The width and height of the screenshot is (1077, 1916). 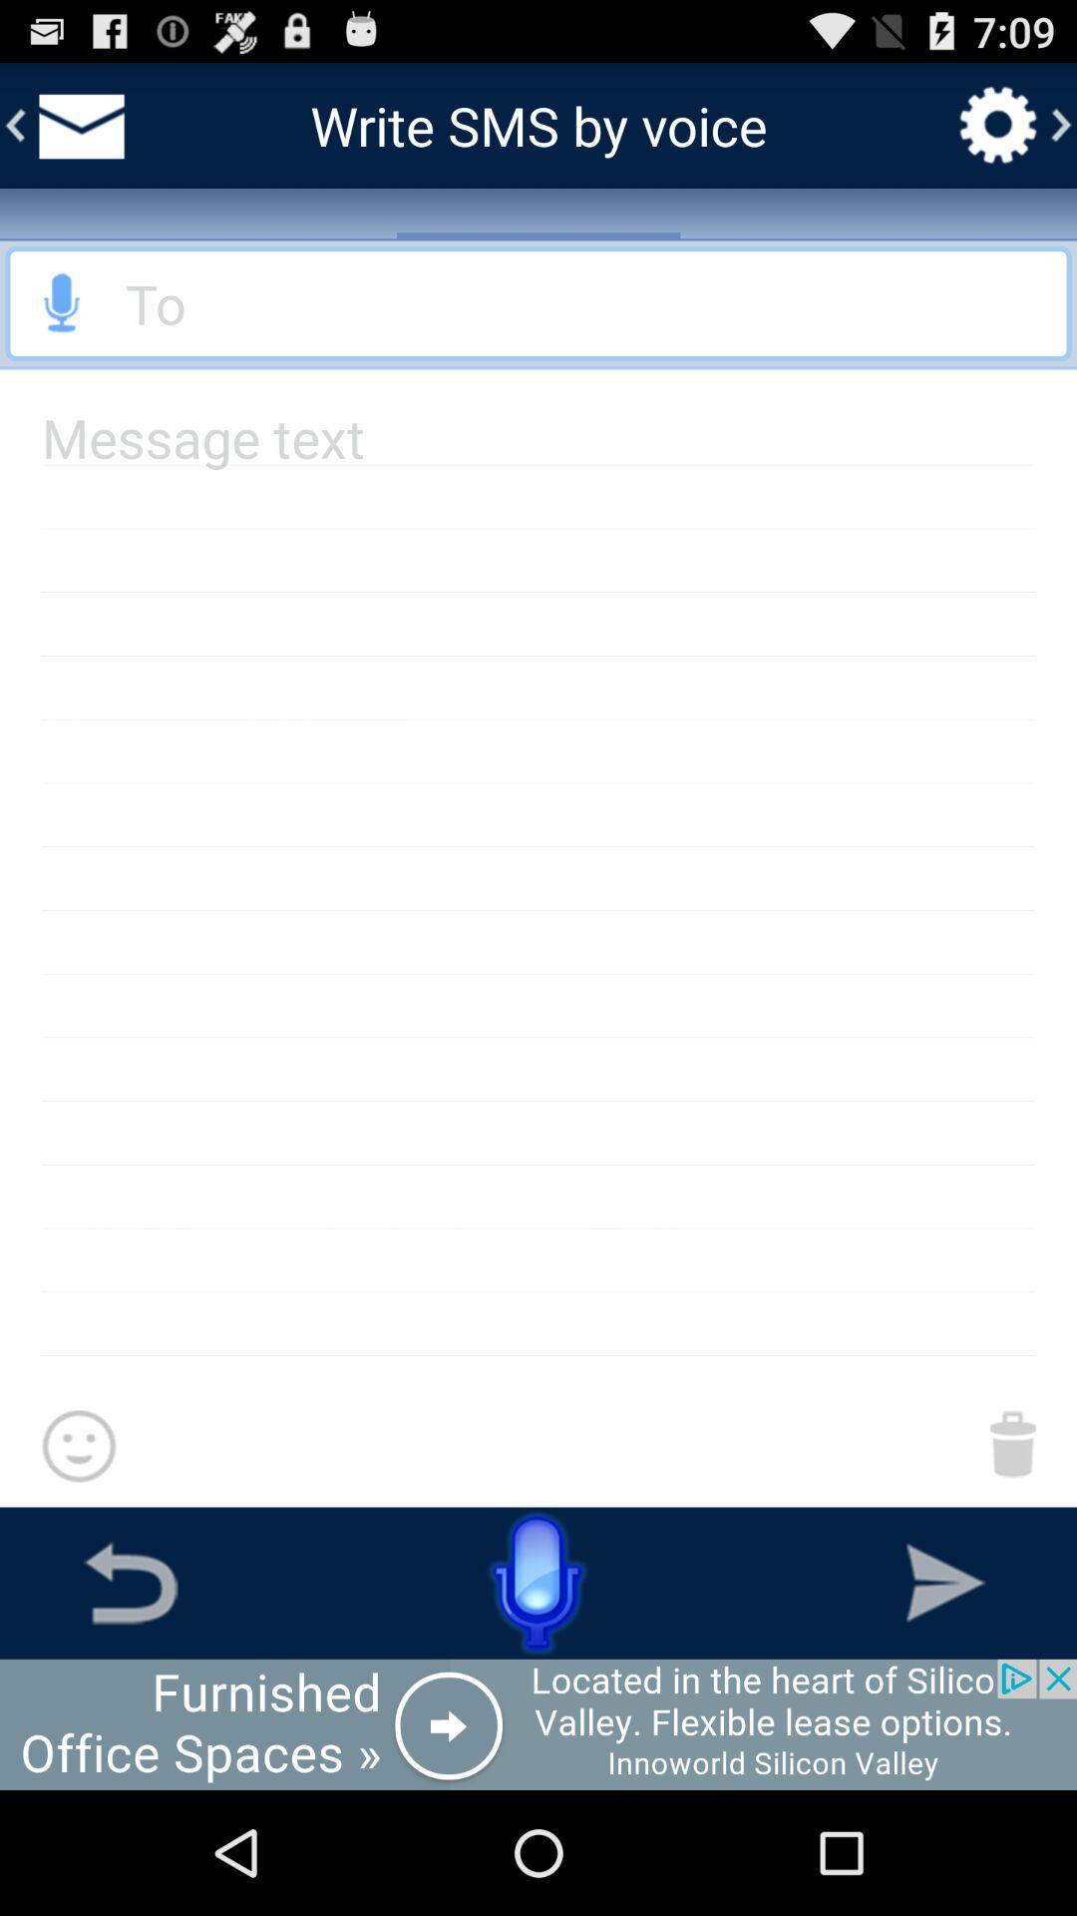 What do you see at coordinates (998, 124) in the screenshot?
I see `setting option` at bounding box center [998, 124].